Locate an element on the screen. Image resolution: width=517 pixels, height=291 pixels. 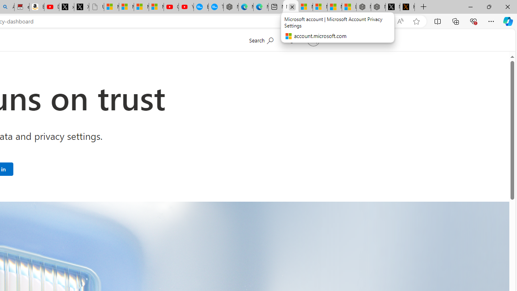
'Add this page to favorites (Ctrl+D)' is located at coordinates (416, 21).